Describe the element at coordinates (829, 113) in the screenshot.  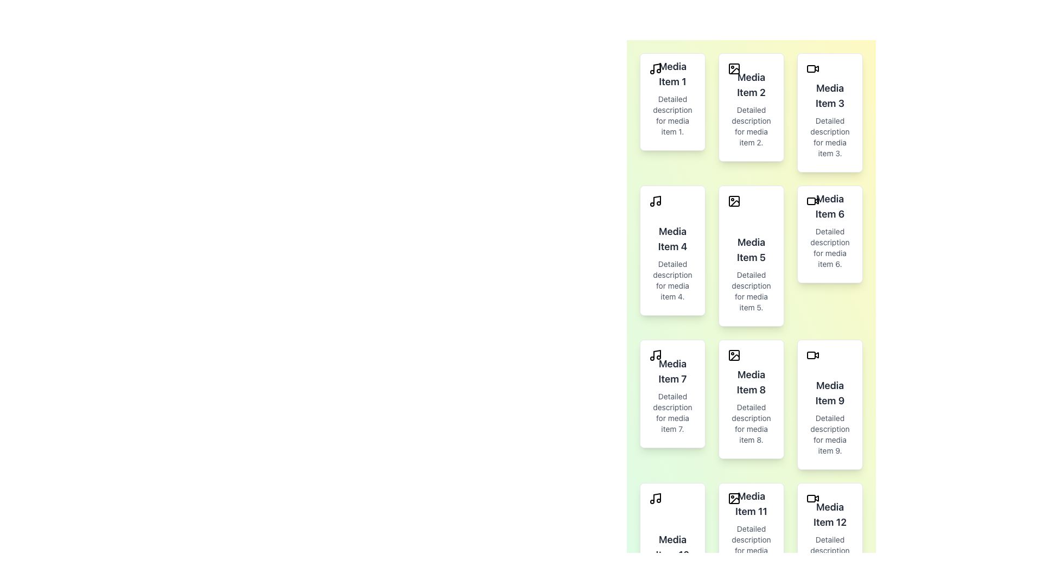
I see `the media card displaying details for 'Media Item 3', located in the third column of the first row` at that location.